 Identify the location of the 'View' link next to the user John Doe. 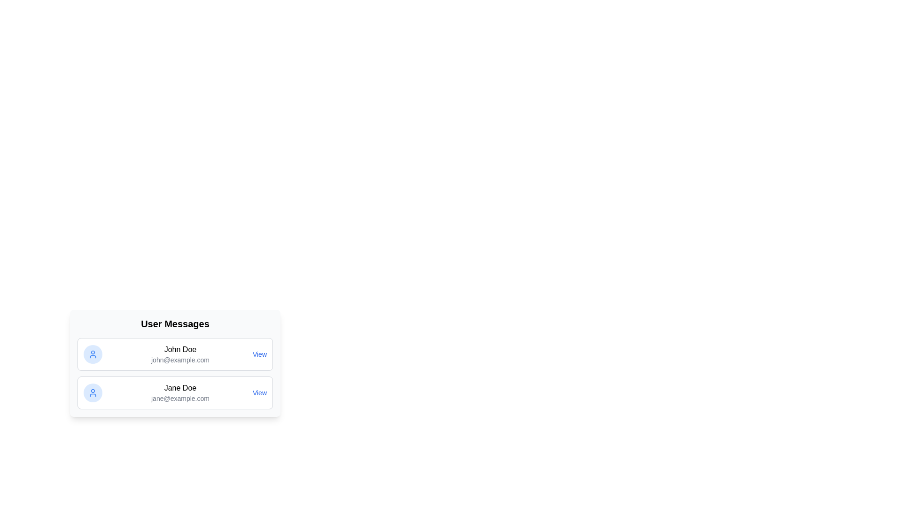
(259, 354).